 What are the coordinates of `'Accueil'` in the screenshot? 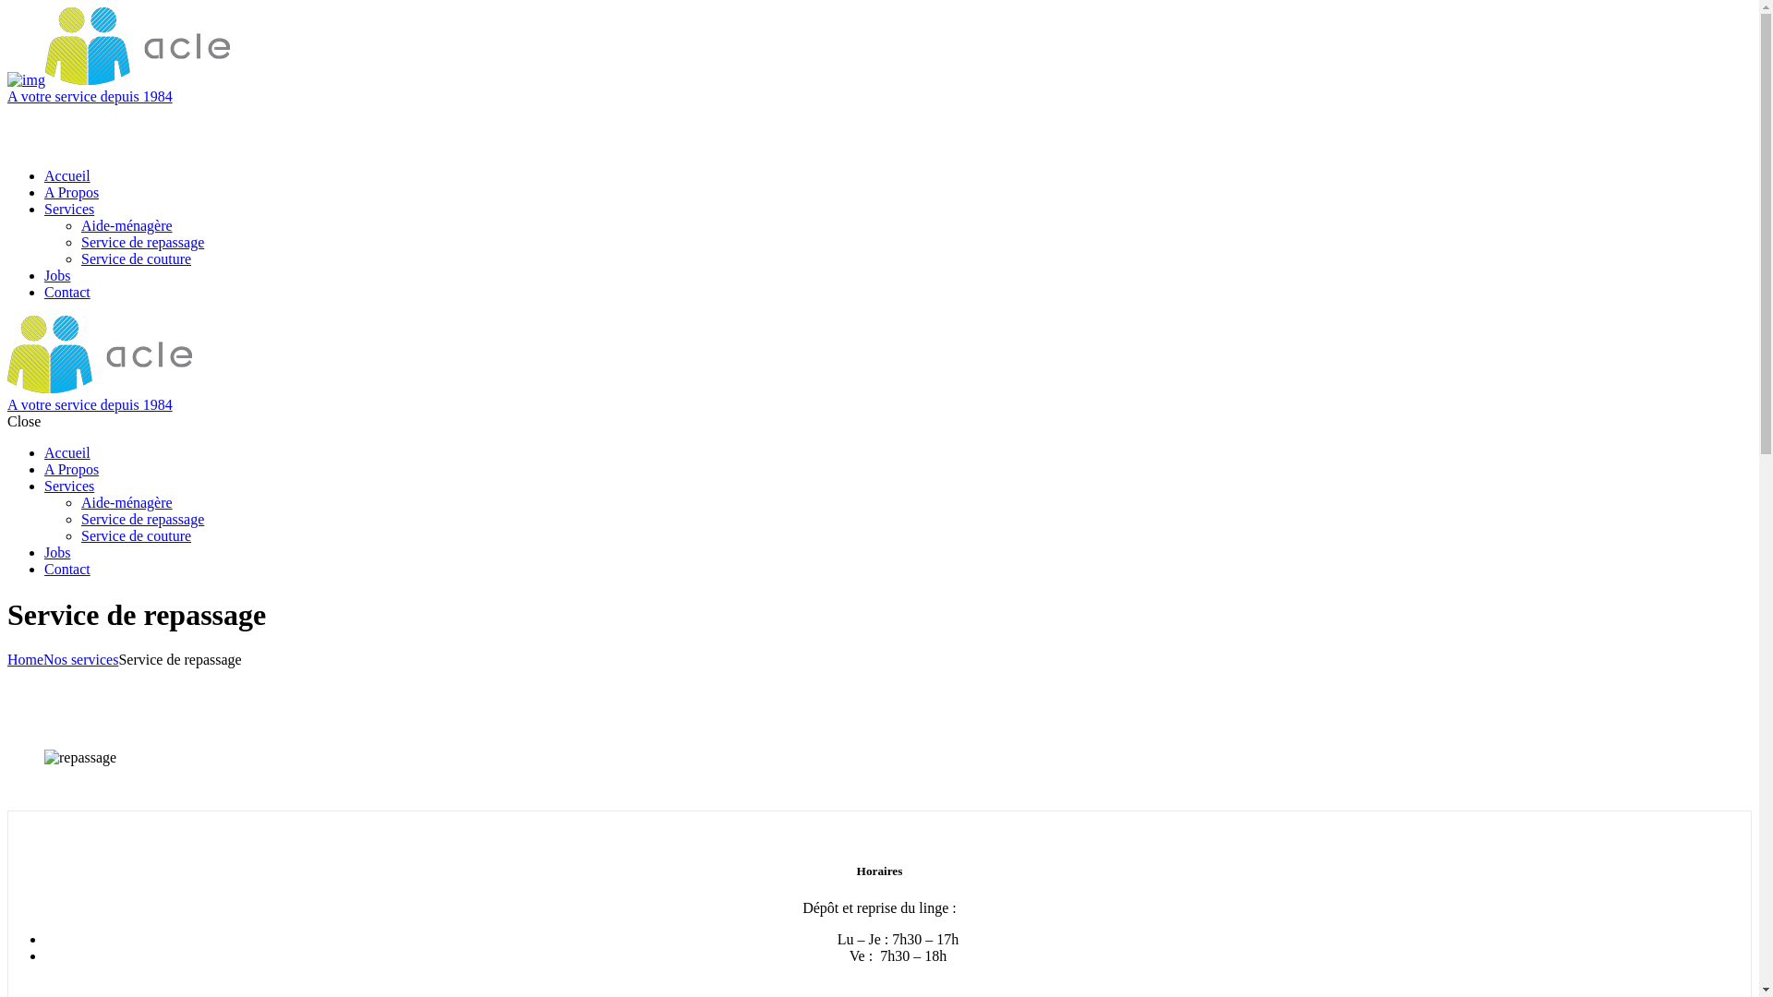 It's located at (66, 175).